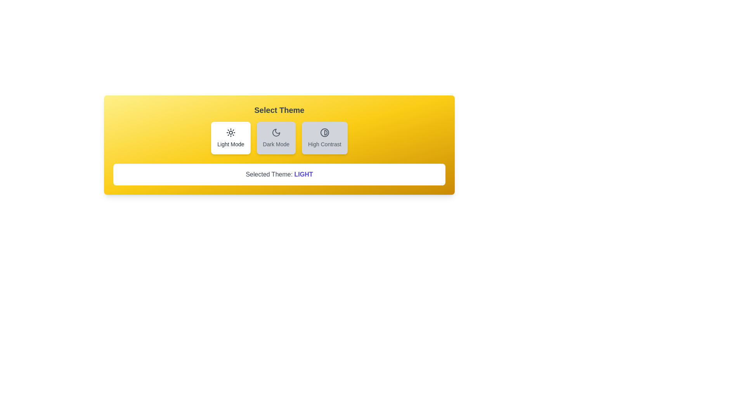 This screenshot has height=419, width=745. I want to click on the button corresponding to the theme Dark Mode to select it, so click(276, 137).